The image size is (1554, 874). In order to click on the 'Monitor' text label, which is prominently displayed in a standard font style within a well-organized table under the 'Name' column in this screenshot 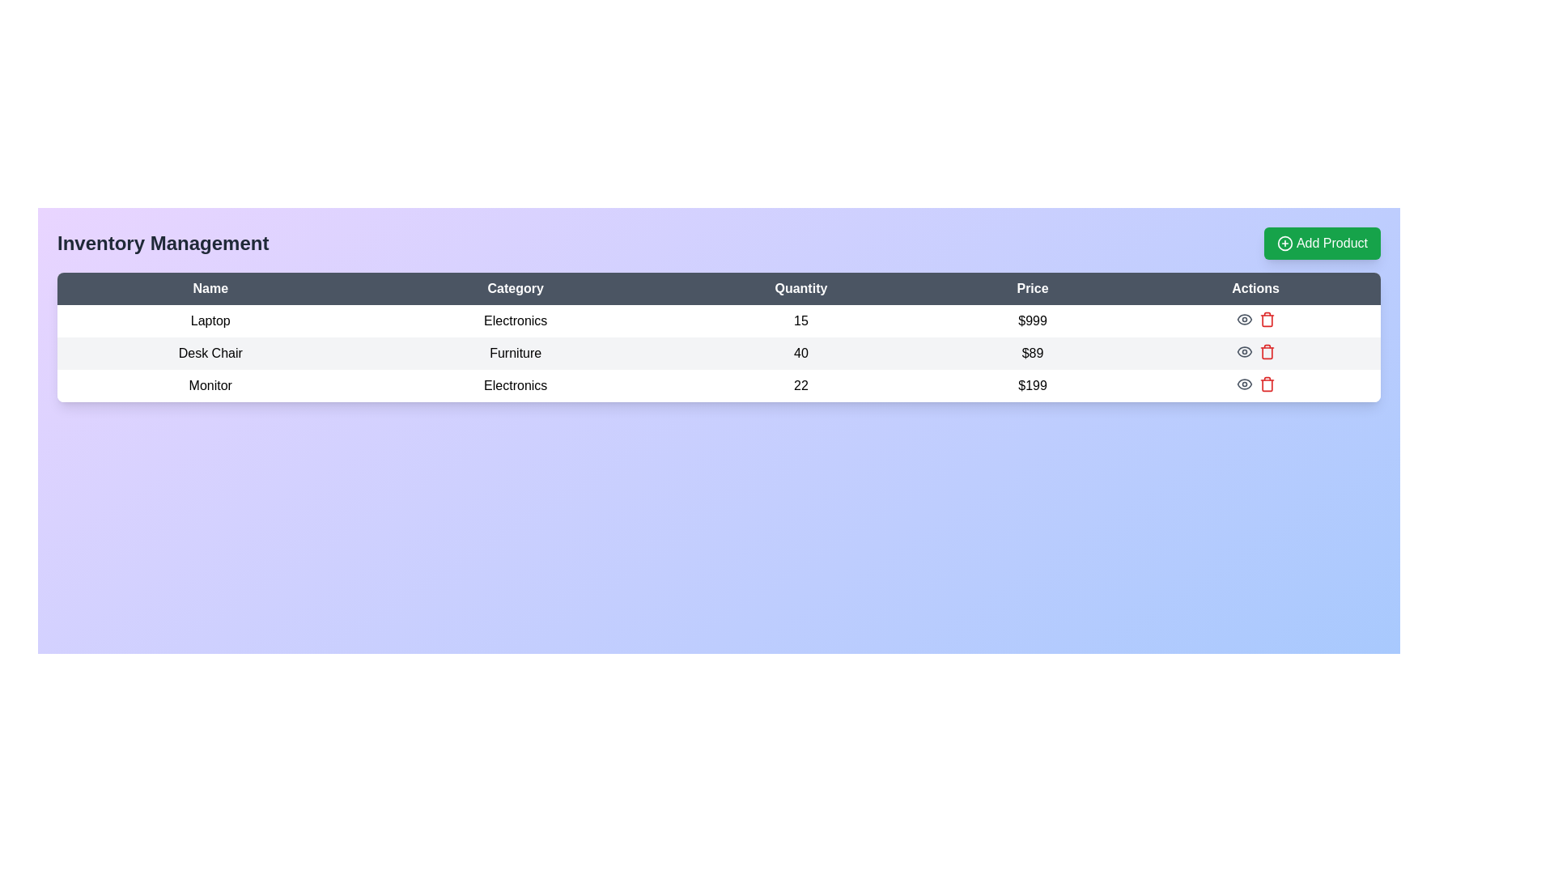, I will do `click(210, 386)`.